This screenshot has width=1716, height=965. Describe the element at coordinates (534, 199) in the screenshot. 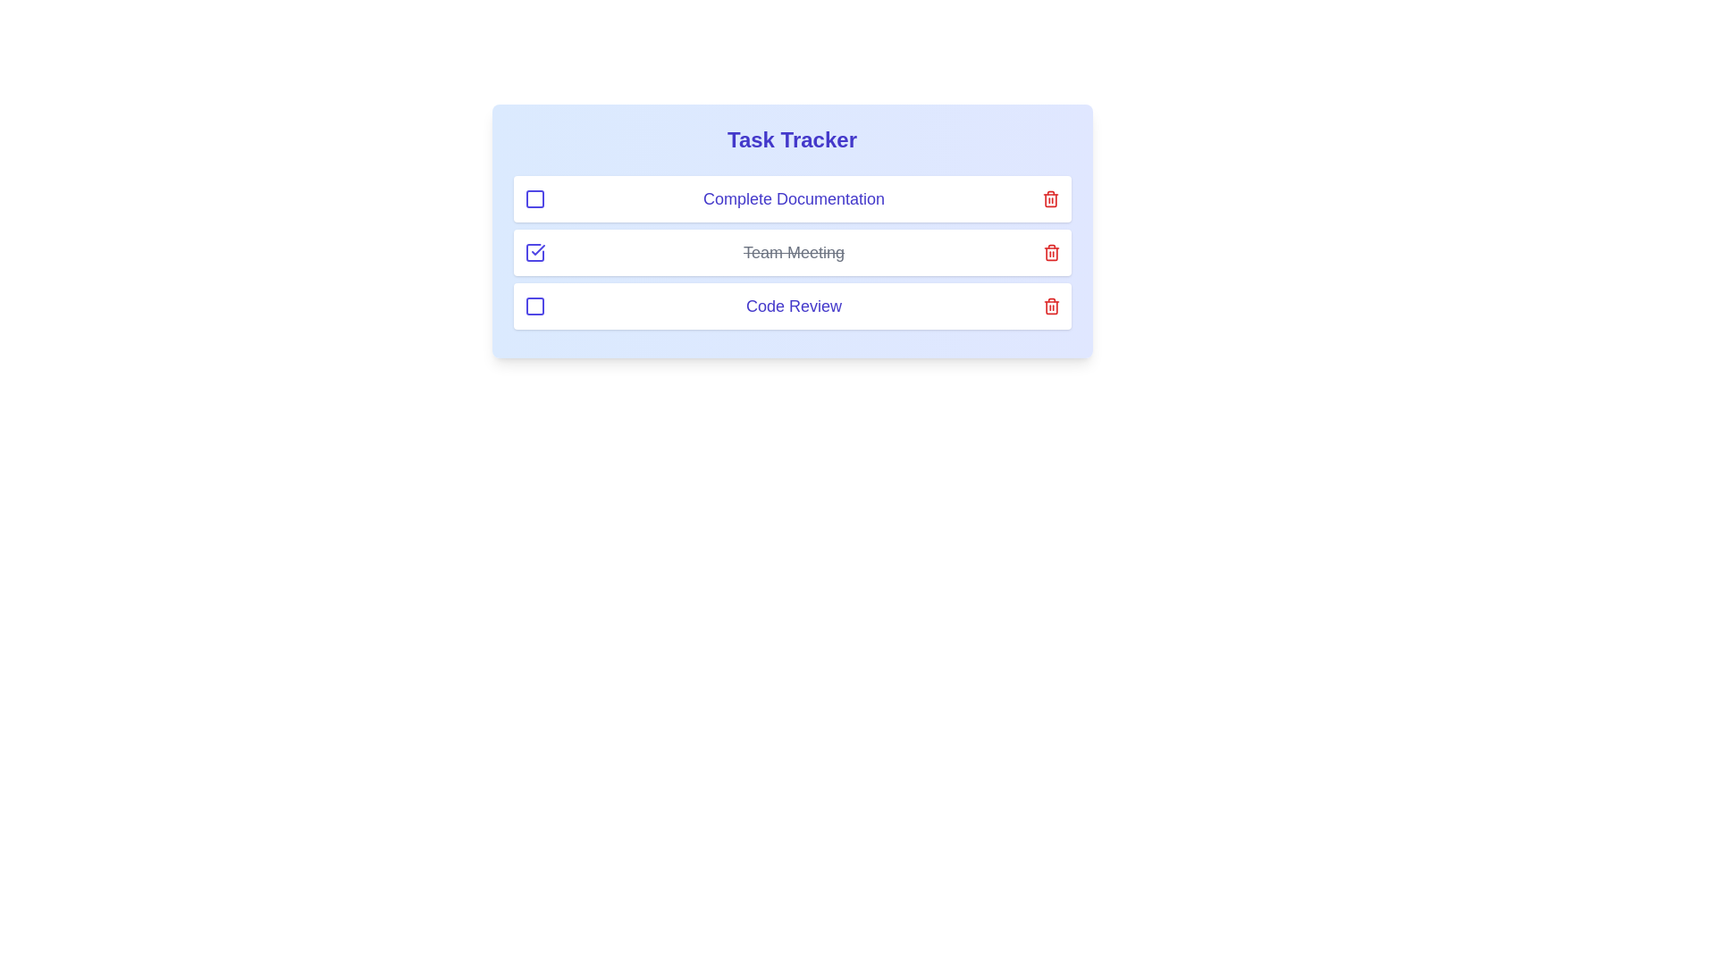

I see `the checkbox located` at that location.